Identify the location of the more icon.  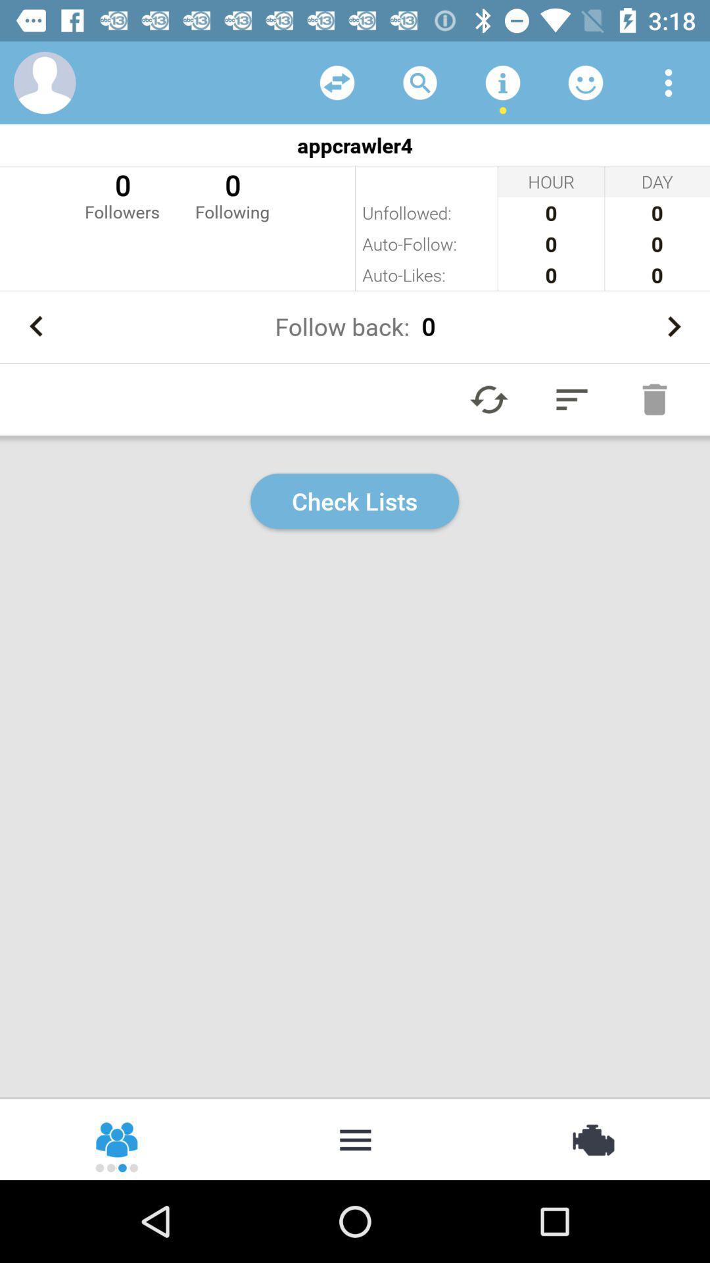
(355, 1138).